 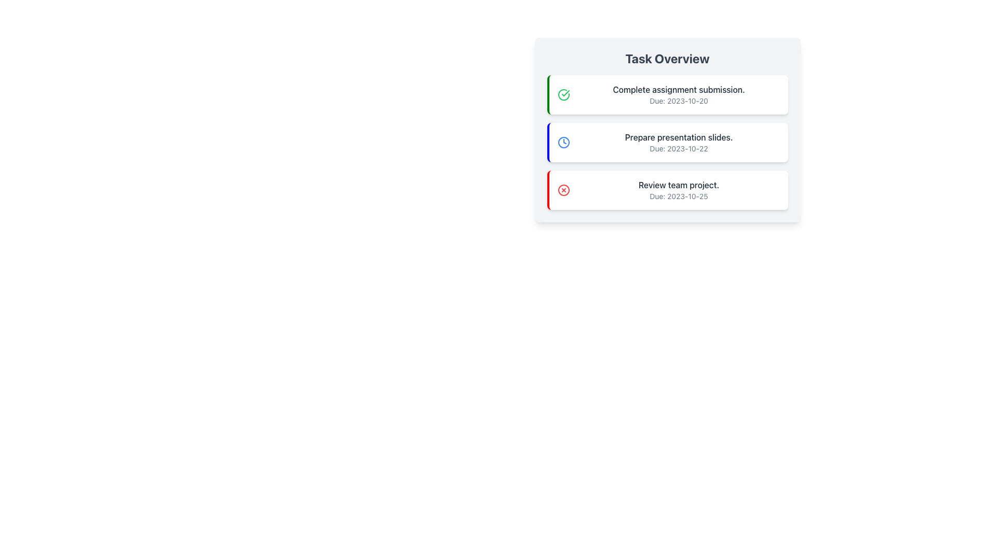 What do you see at coordinates (679, 190) in the screenshot?
I see `the third and last item in the vertical task list that displays a specific task's information, including the task title and its due date` at bounding box center [679, 190].